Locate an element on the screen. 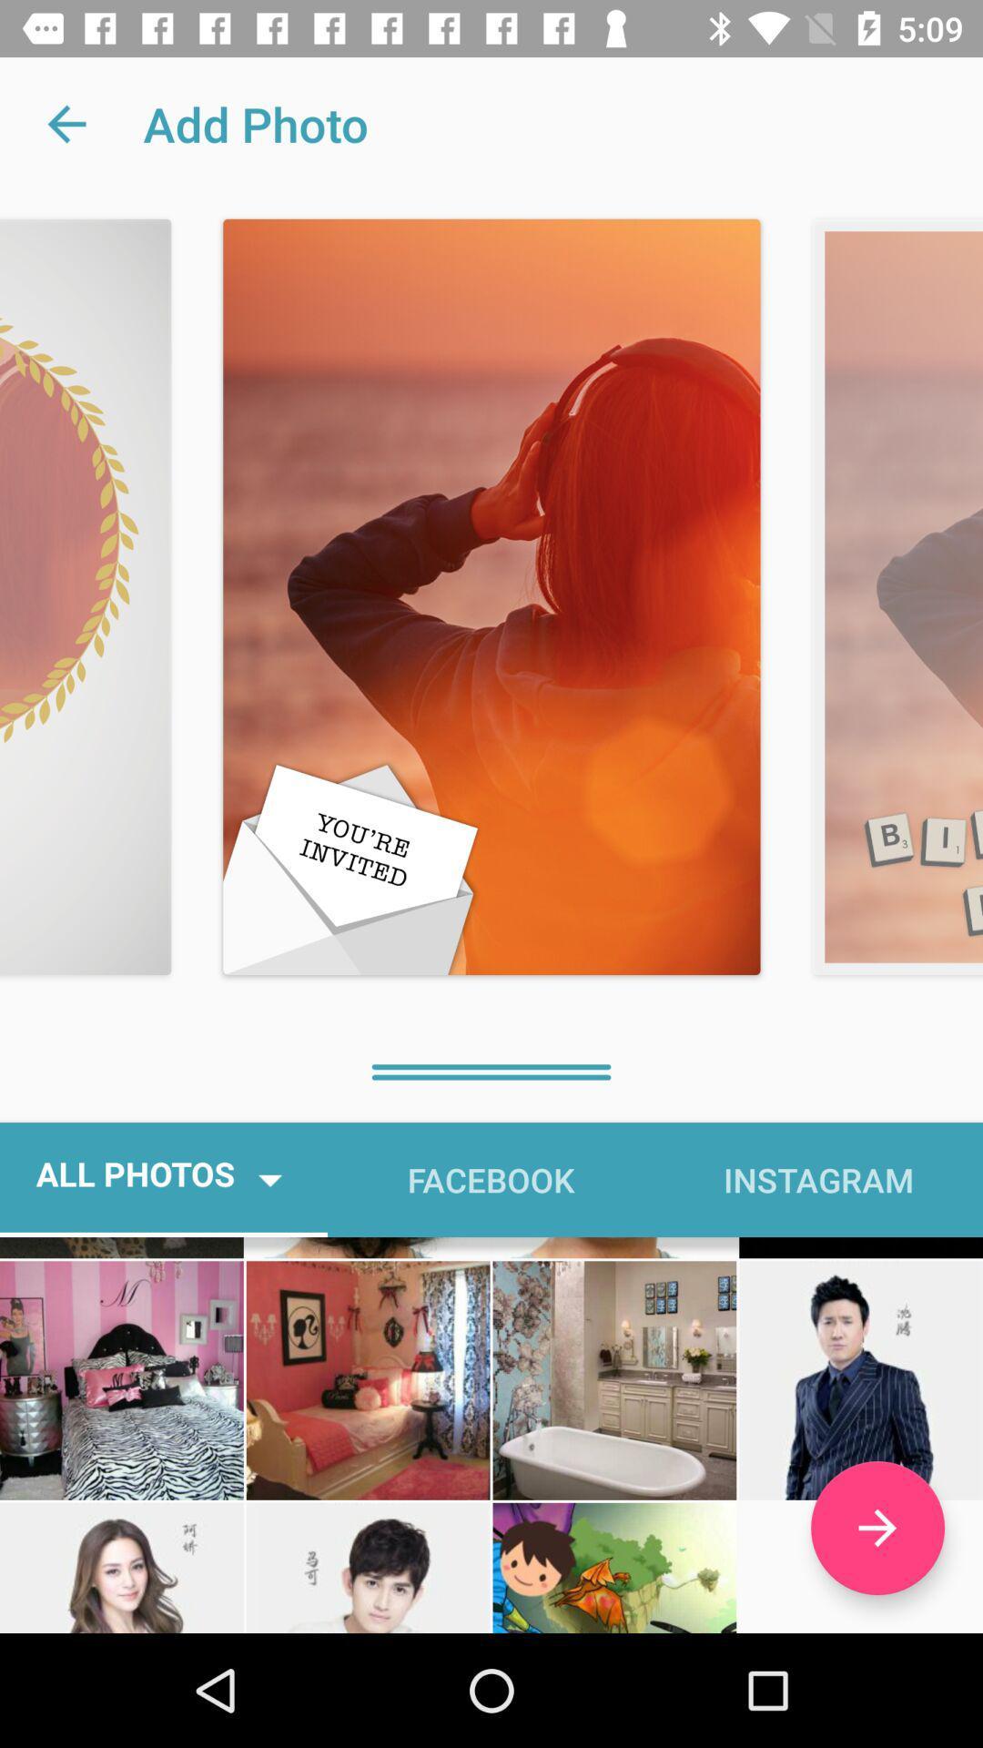  the arrow_forward icon is located at coordinates (877, 1528).